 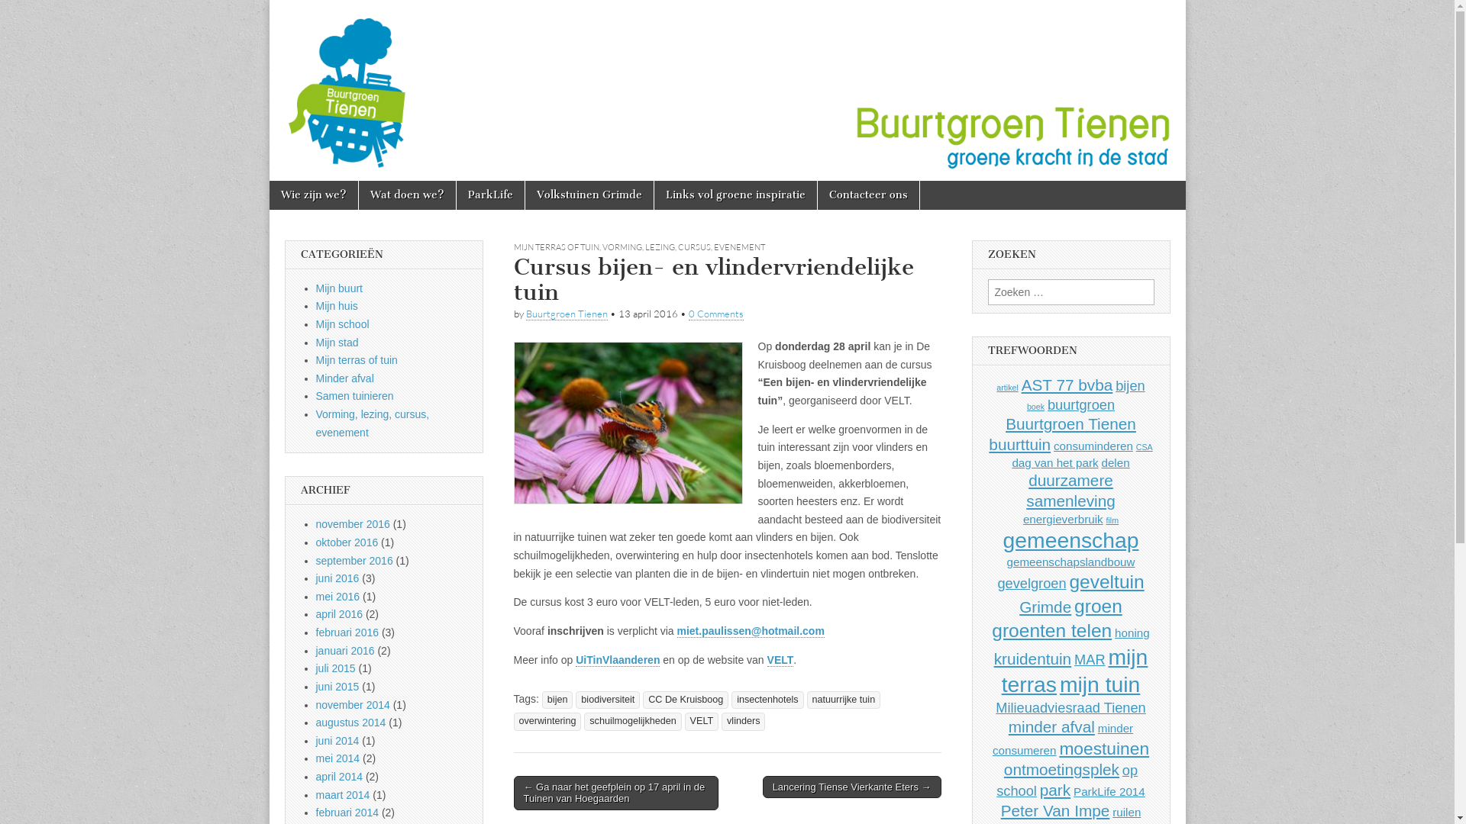 What do you see at coordinates (684, 700) in the screenshot?
I see `'CC De Kruisboog'` at bounding box center [684, 700].